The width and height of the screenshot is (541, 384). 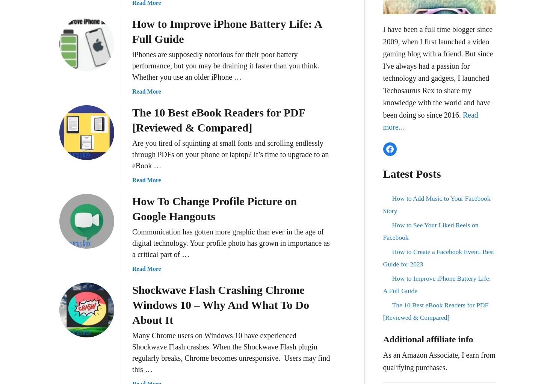 I want to click on 'Communication has gotten more graphic than ever in the age of digital technology. Your profile photo has grown in importance as a critical part of …', so click(x=230, y=243).